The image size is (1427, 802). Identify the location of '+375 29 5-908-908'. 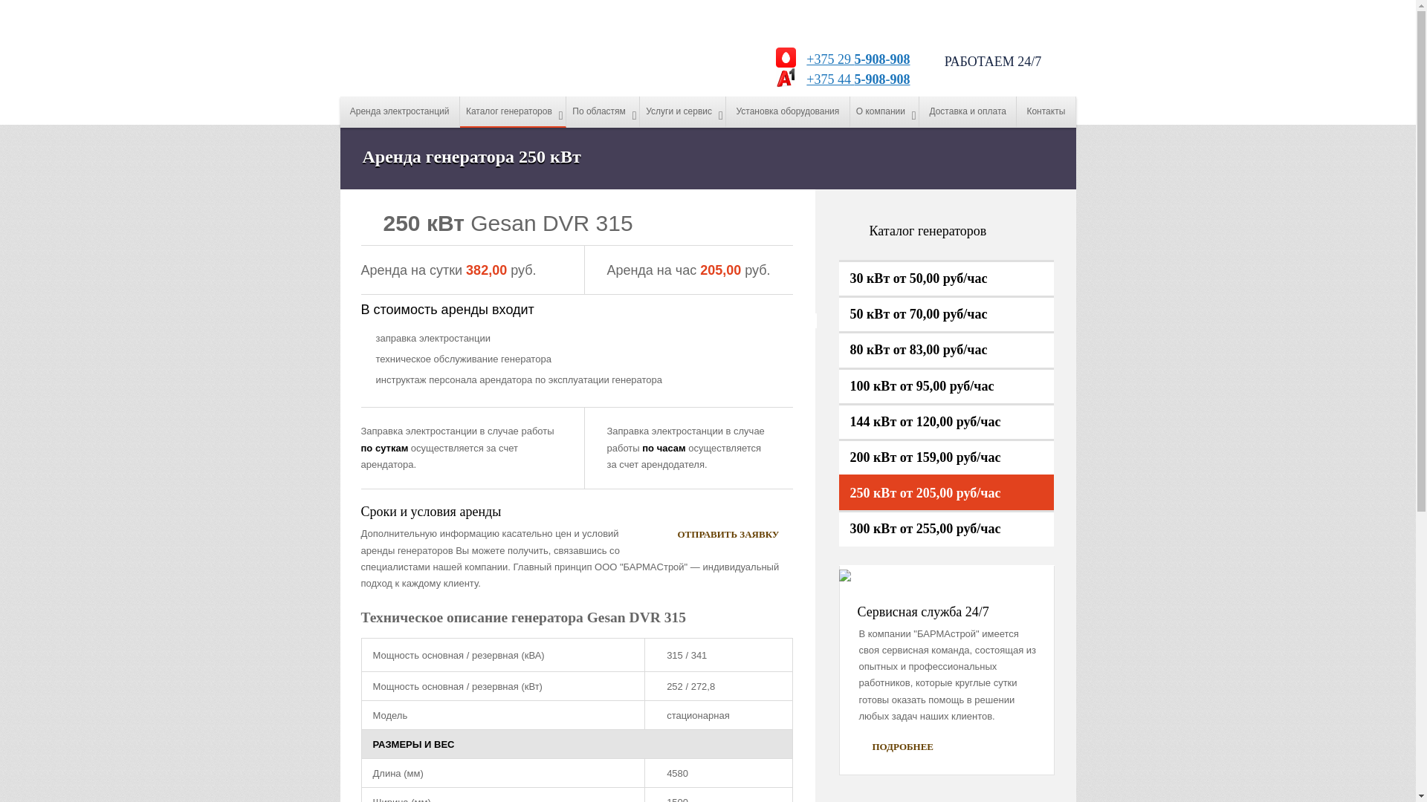
(854, 59).